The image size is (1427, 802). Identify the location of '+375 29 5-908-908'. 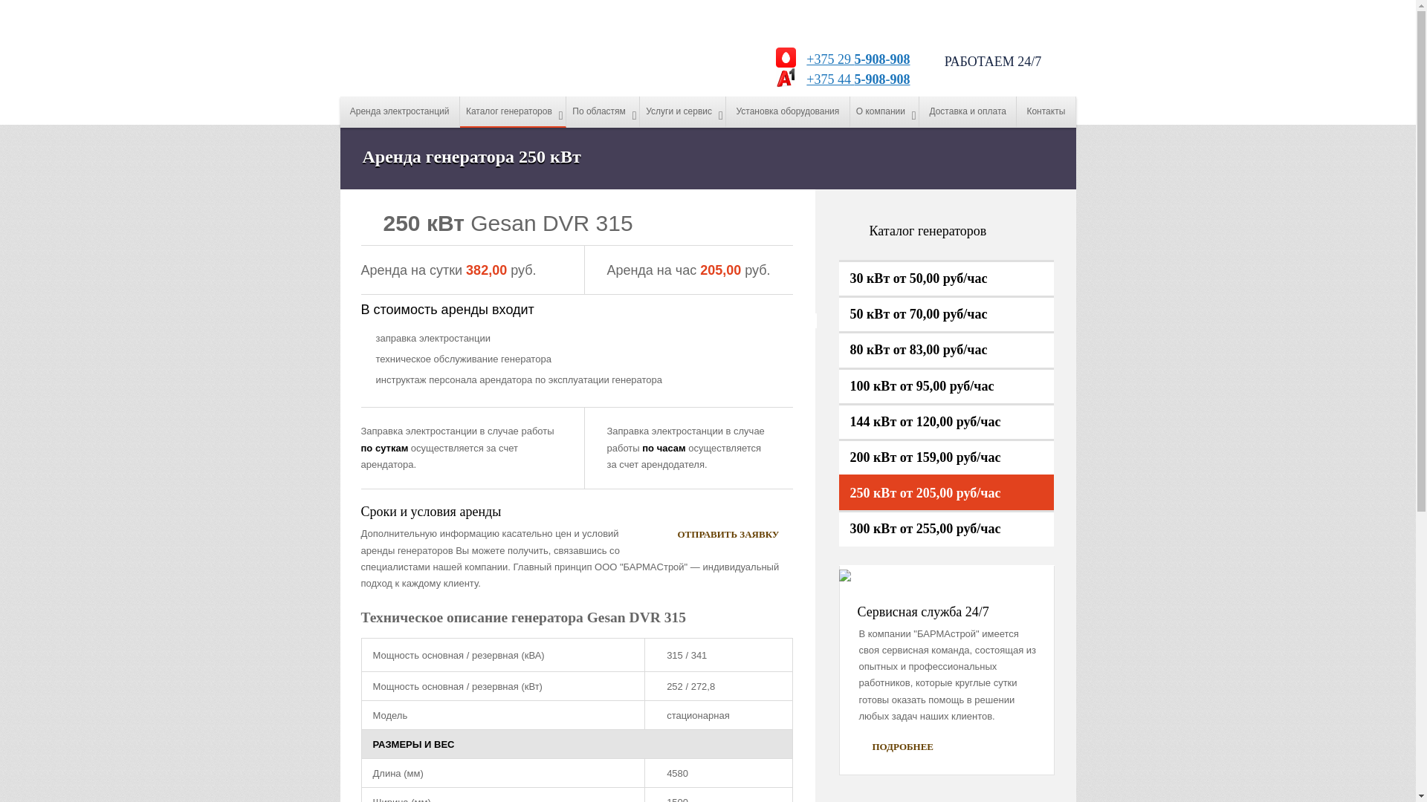
(854, 59).